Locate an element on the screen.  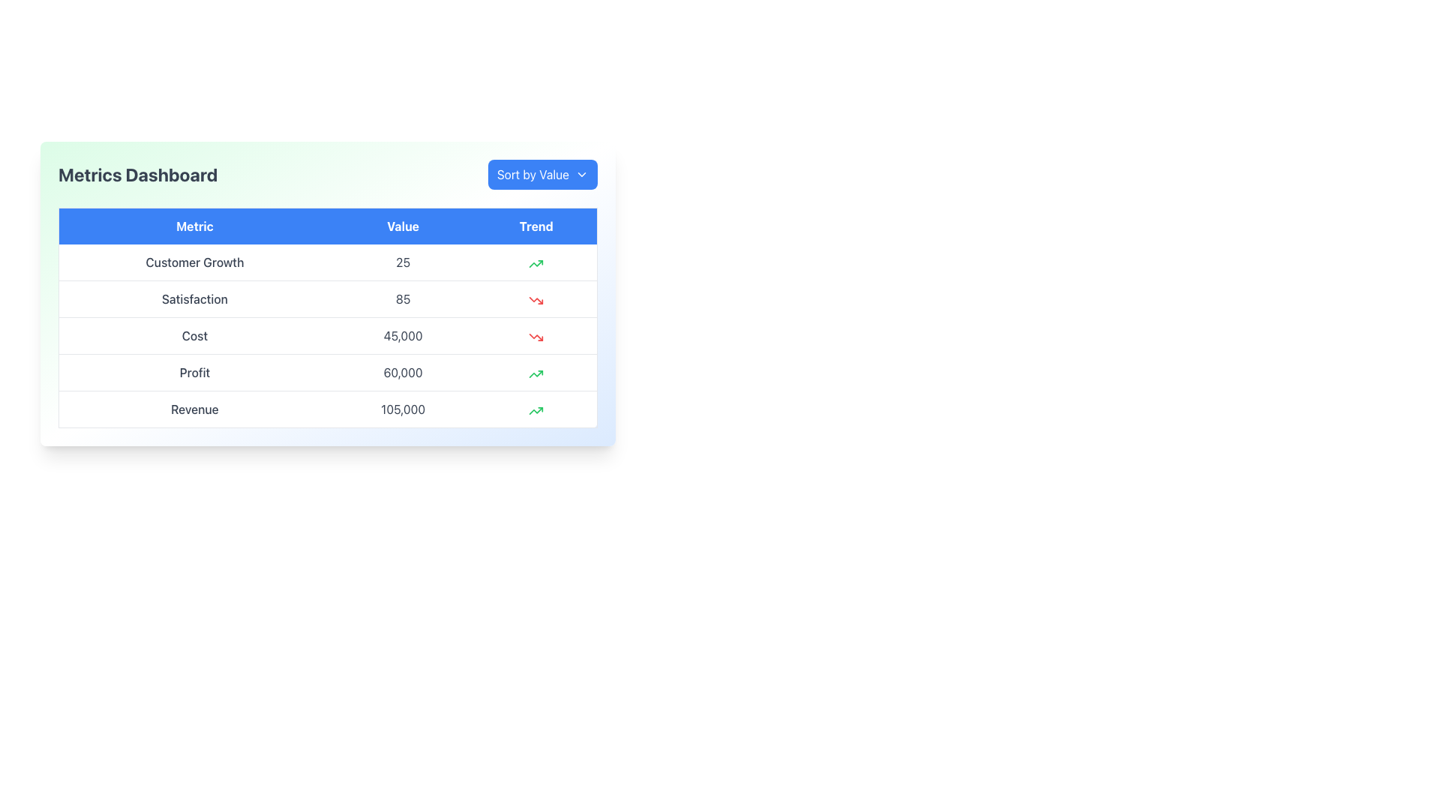
the Table Header labeled 'Metric' which is the first column header in the data table with a blue background and bold white font is located at coordinates (193, 226).